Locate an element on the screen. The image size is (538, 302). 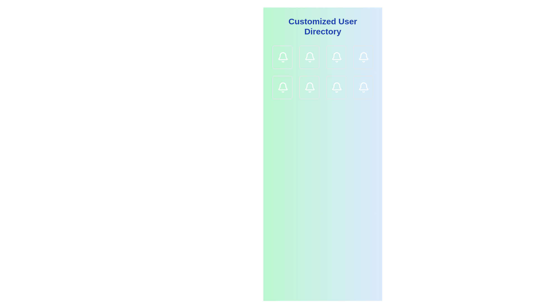
the second bell icon in the top row of a 3x3 grid, which is styled with a clean and minimalistic design is located at coordinates (336, 57).